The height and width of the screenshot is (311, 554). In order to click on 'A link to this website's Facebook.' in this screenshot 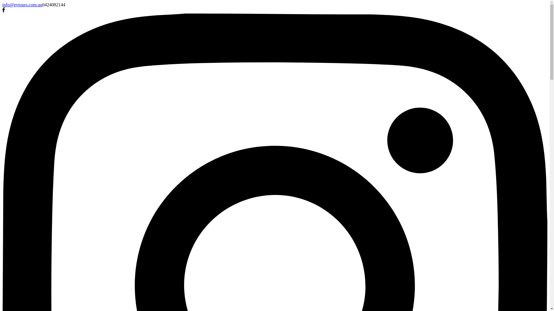, I will do `click(3, 11)`.